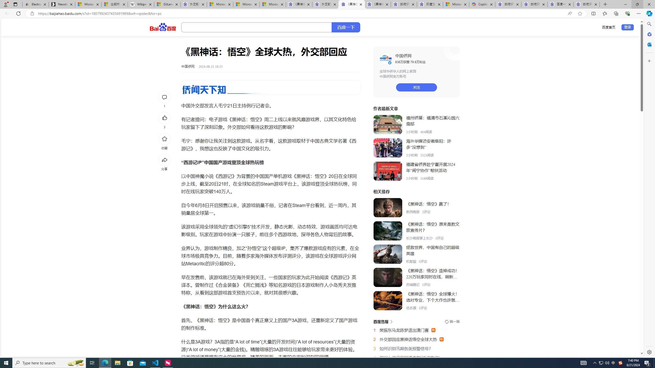 The width and height of the screenshot is (655, 368). I want to click on 'Newsletter Sign Up', so click(61, 4).